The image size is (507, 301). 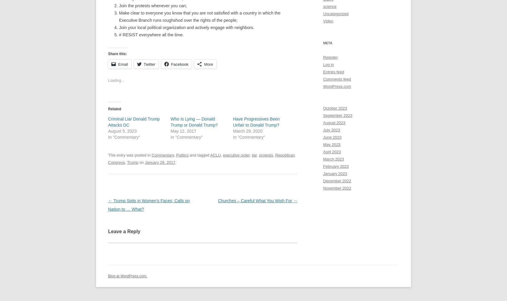 What do you see at coordinates (329, 6) in the screenshot?
I see `'science'` at bounding box center [329, 6].